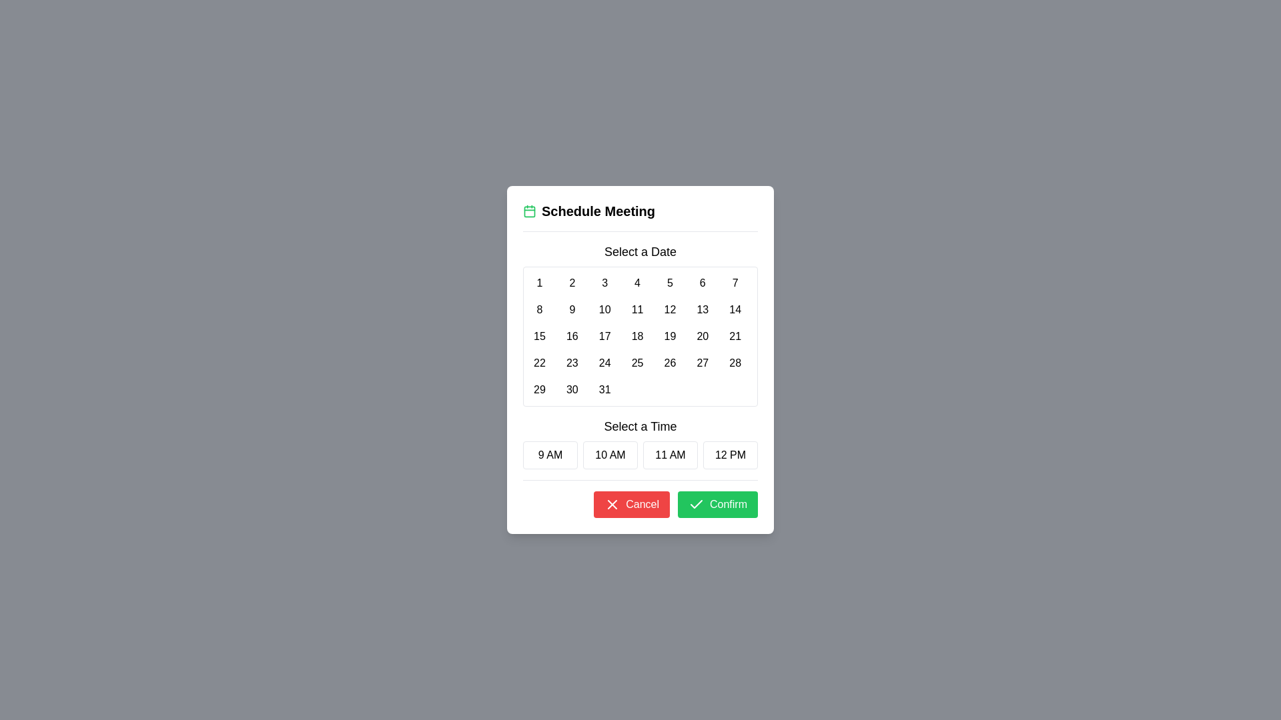 The height and width of the screenshot is (720, 1281). What do you see at coordinates (528, 210) in the screenshot?
I see `the scheduling icon located at the top-left corner of the modal window, directly left of the 'Schedule Meeting' text` at bounding box center [528, 210].